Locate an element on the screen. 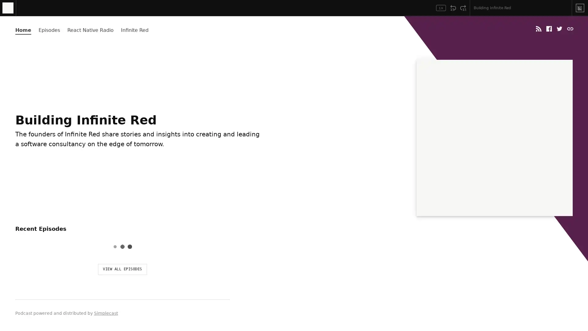 The width and height of the screenshot is (588, 331). Play is located at coordinates (22, 254).